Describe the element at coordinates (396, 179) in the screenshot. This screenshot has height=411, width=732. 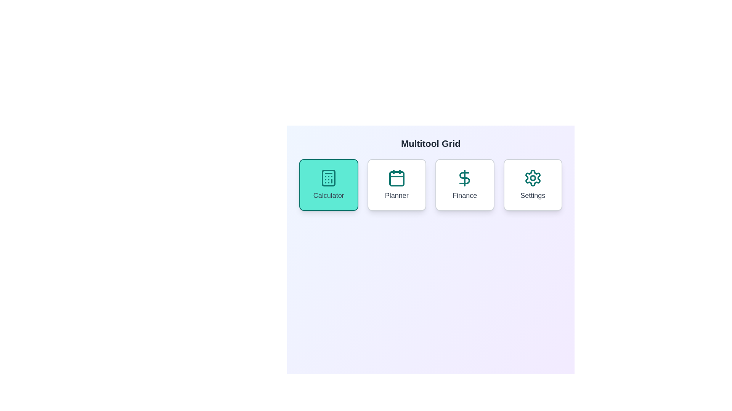
I see `the decorative graphical component of the calendar icon, which represents a highlighted date within the 'Planner' section` at that location.